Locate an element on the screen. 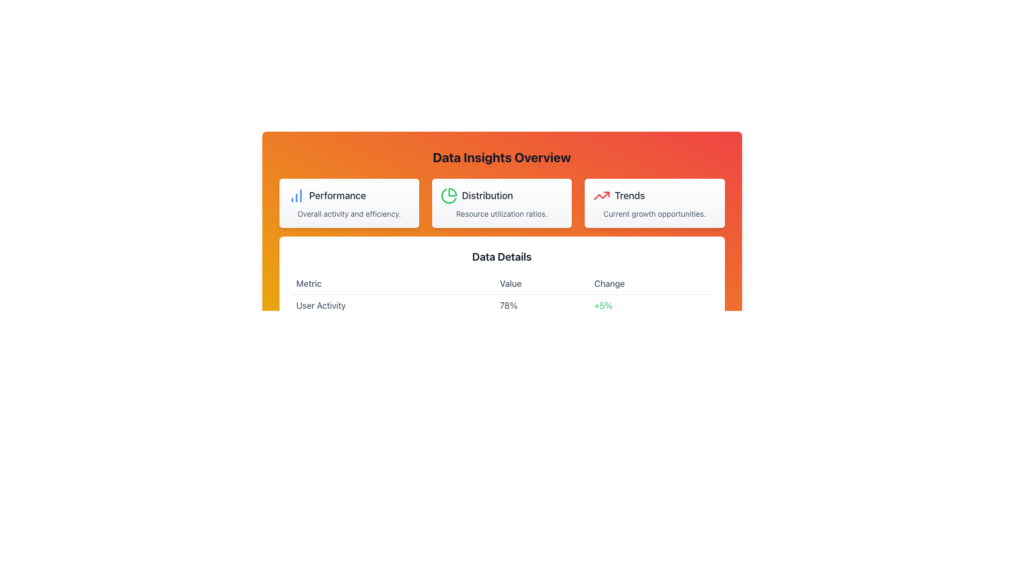 Image resolution: width=1028 pixels, height=578 pixels. the small, circular pie chart icon with a green outline located in the 'Distribution' section, positioned between the 'Performance' and 'Trends' sections is located at coordinates (449, 196).